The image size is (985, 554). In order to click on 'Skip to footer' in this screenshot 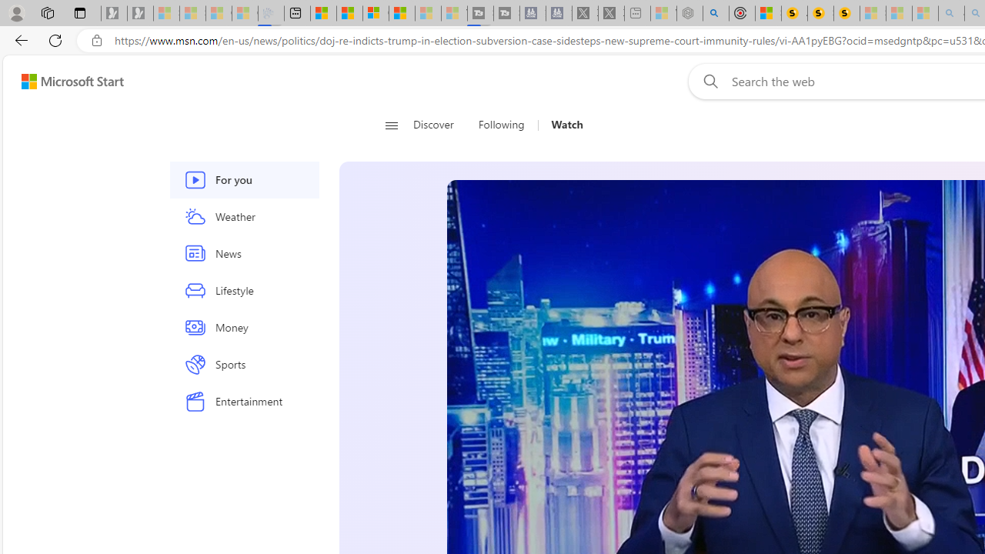, I will do `click(62, 81)`.